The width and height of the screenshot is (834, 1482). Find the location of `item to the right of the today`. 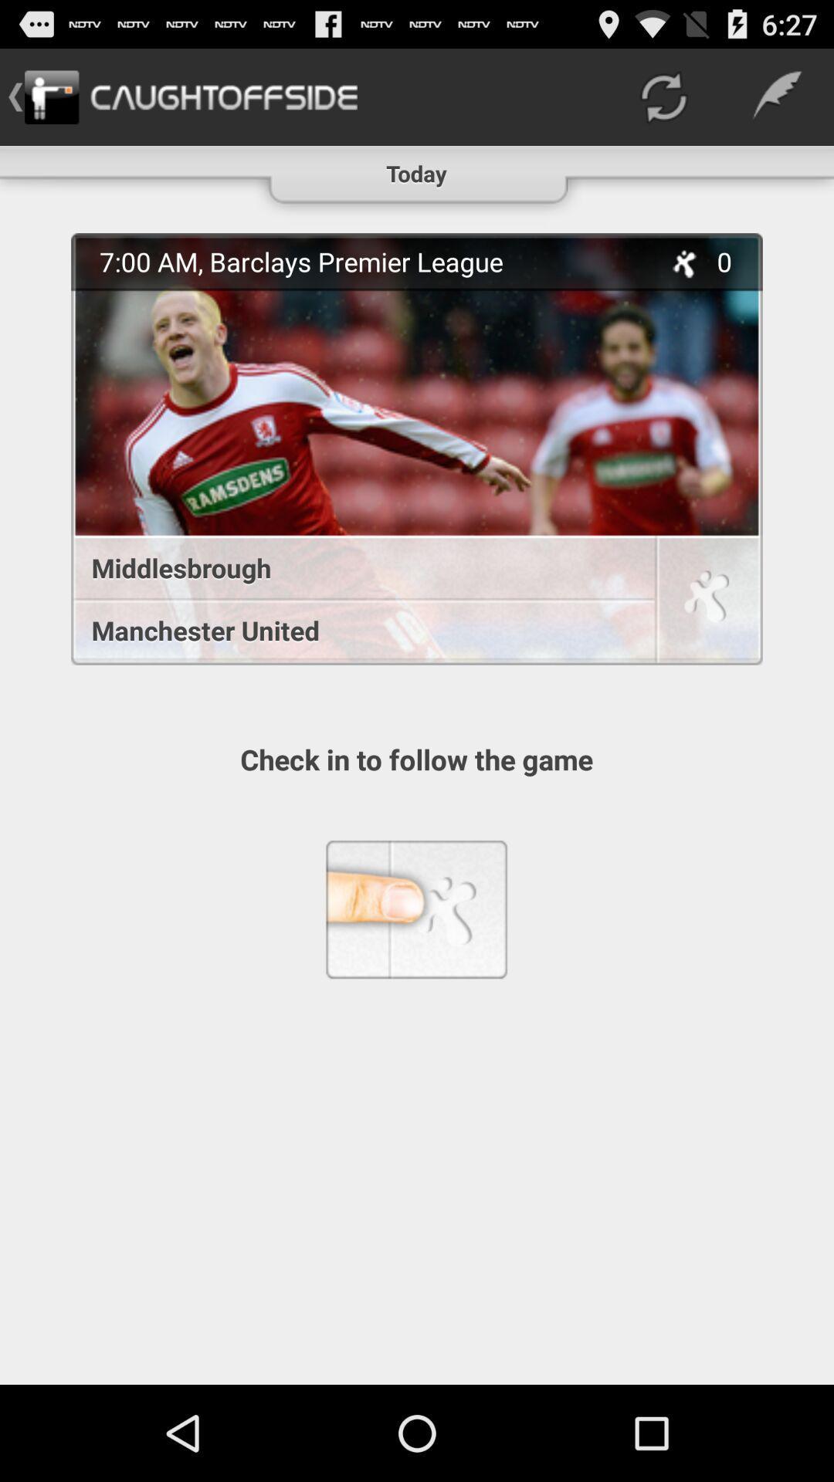

item to the right of the today is located at coordinates (663, 96).